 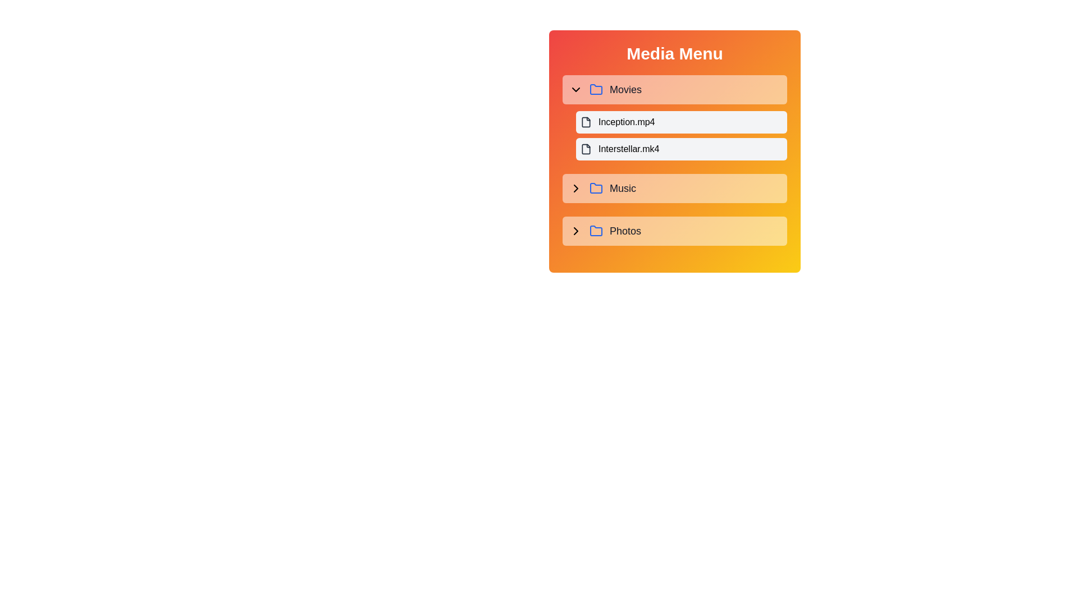 What do you see at coordinates (674, 117) in the screenshot?
I see `the first selectable item in the media menu, corresponding` at bounding box center [674, 117].